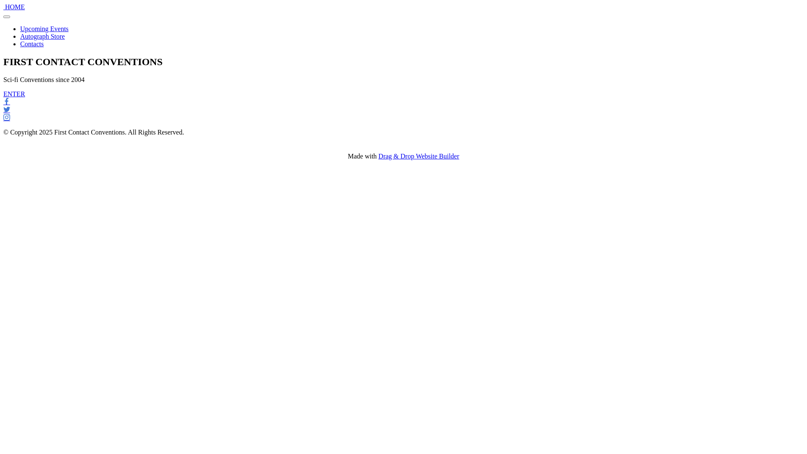 This screenshot has height=454, width=807. Describe the element at coordinates (20, 36) in the screenshot. I see `'Autograph Store'` at that location.